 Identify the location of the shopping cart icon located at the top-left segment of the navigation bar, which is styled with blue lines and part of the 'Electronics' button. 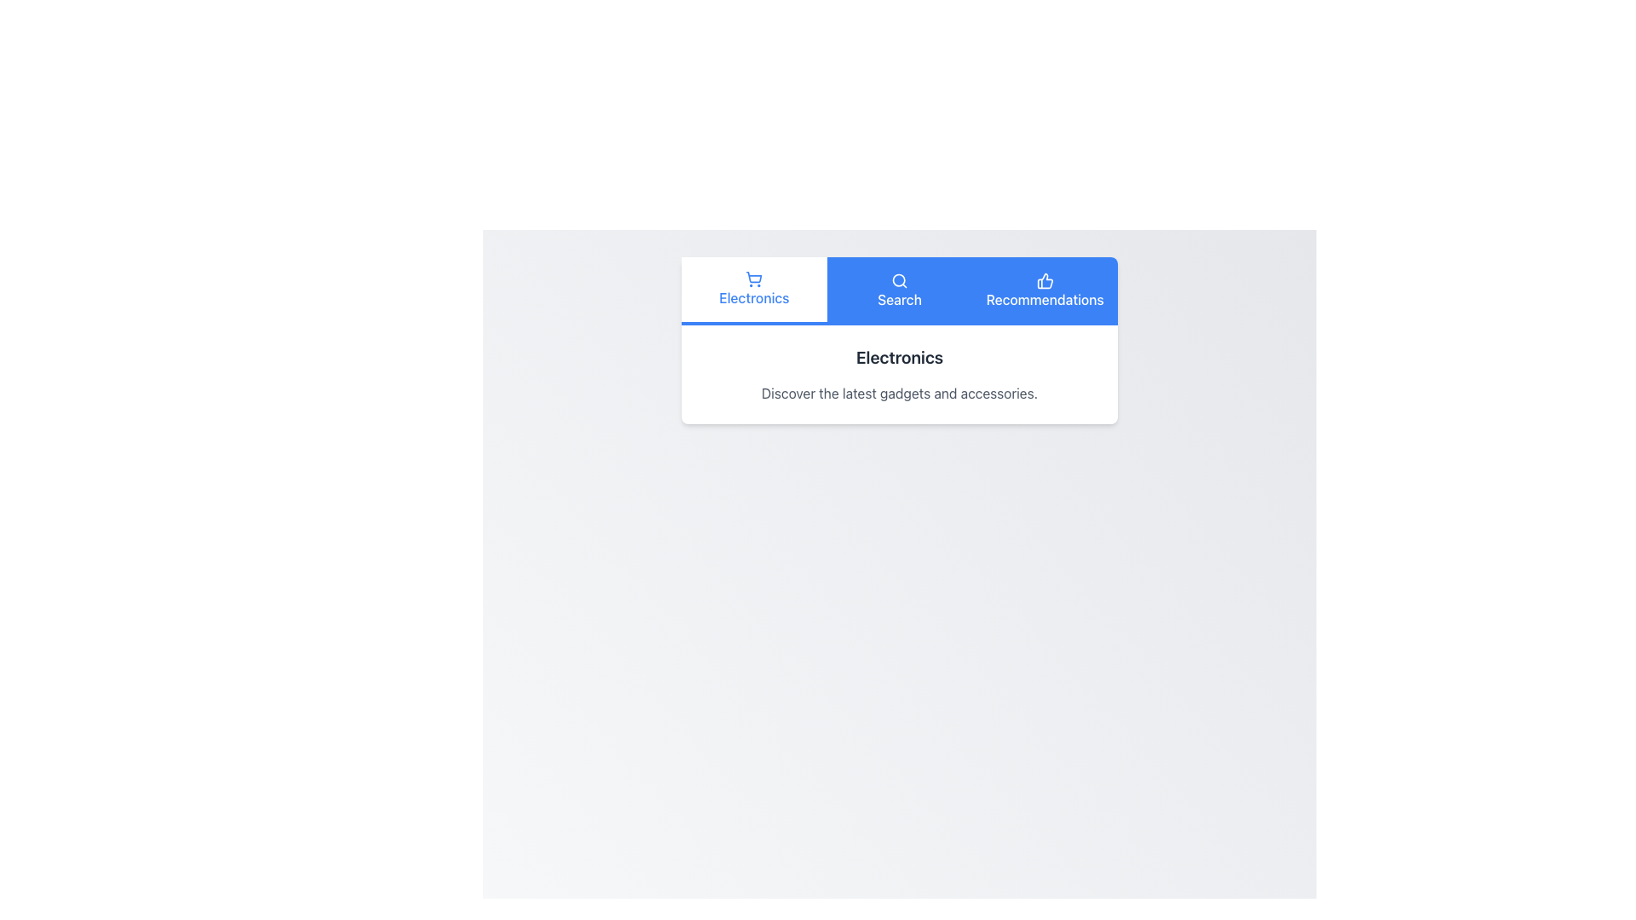
(753, 278).